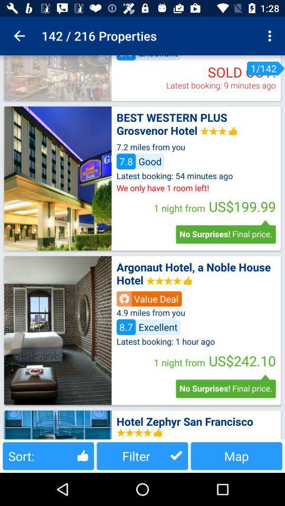 The width and height of the screenshot is (285, 506). I want to click on item next to the 142 / 216 properties, so click(19, 36).